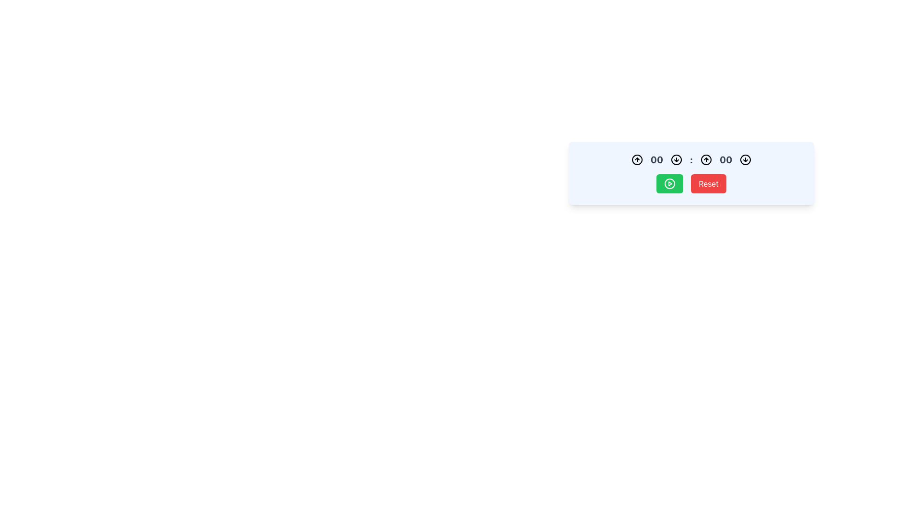 Image resolution: width=920 pixels, height=517 pixels. What do you see at coordinates (691, 159) in the screenshot?
I see `the colon text element that visually organizes numeric values in a time display layout, positioned centrally between '00' on each side` at bounding box center [691, 159].